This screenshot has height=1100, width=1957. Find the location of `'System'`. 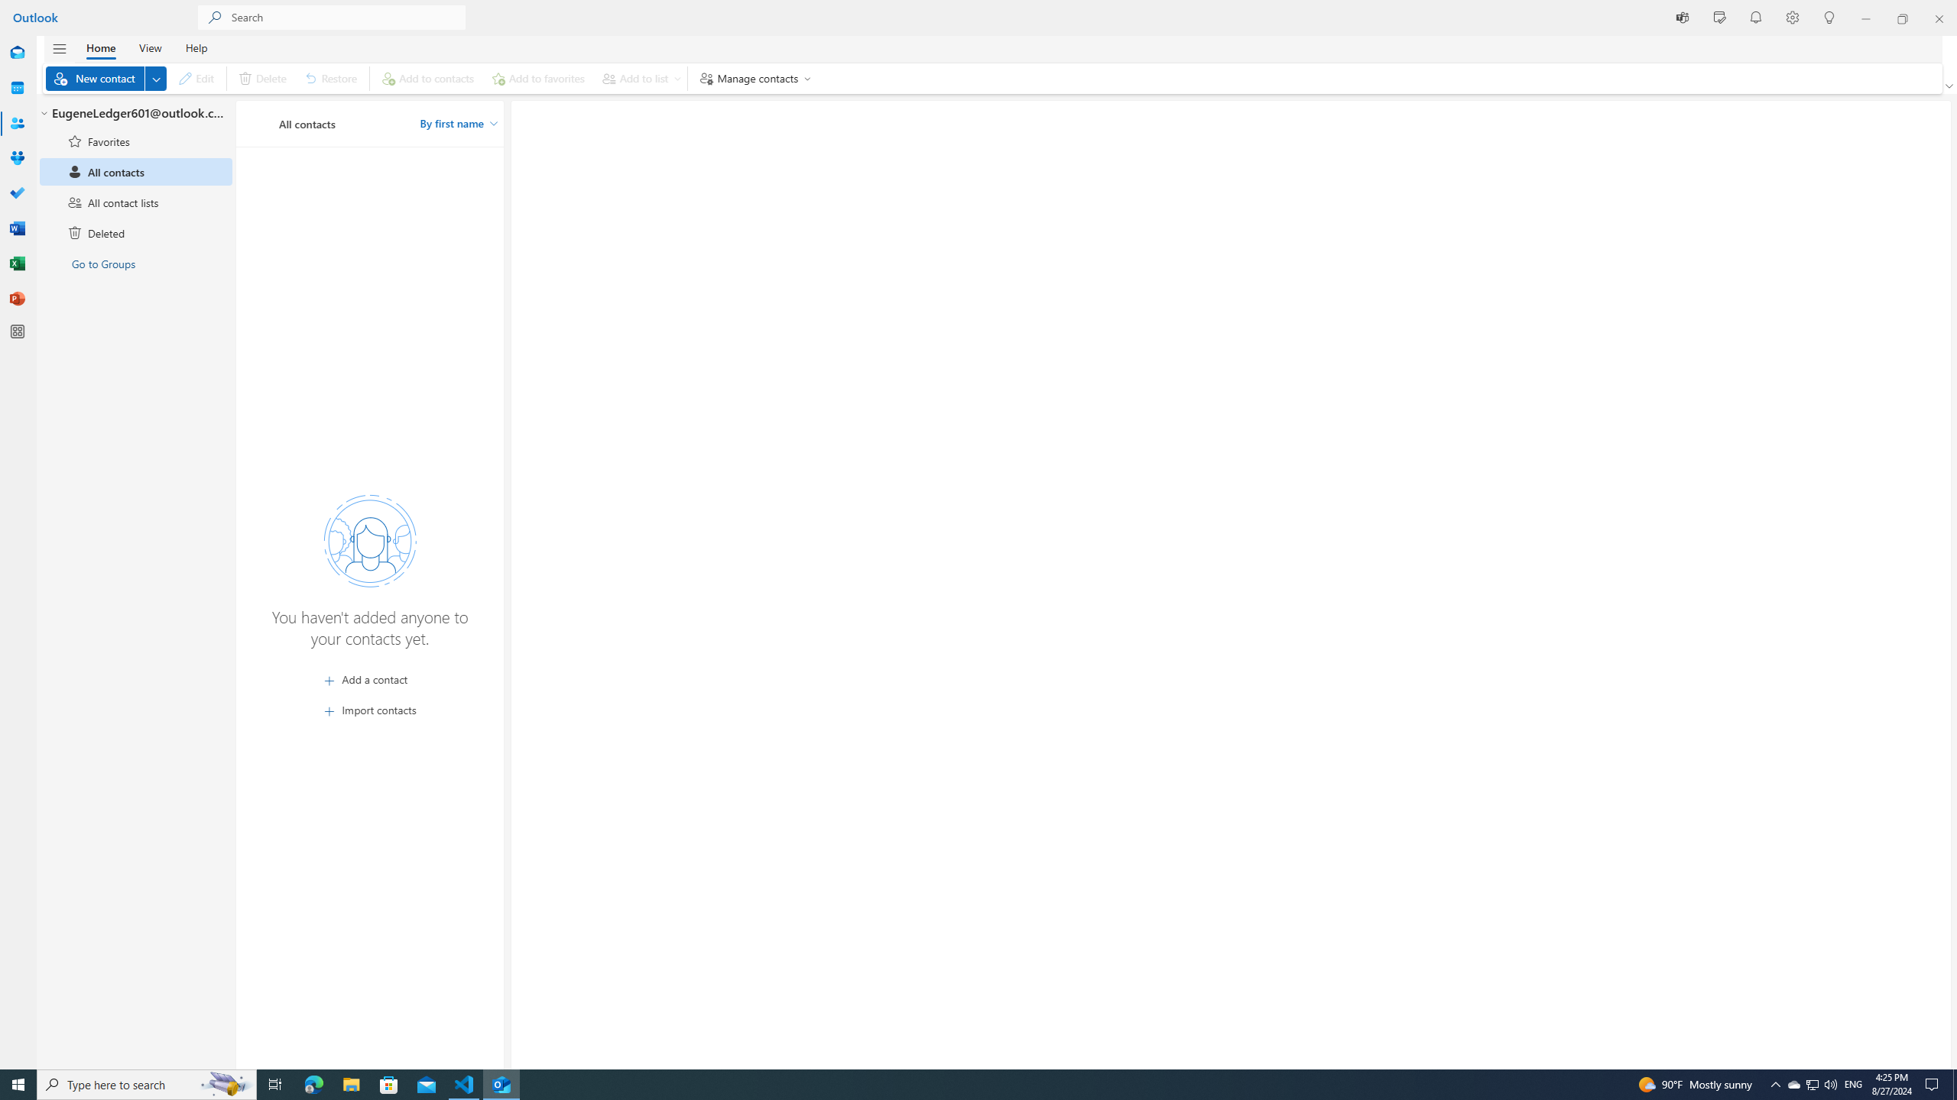

'System' is located at coordinates (8, 7).